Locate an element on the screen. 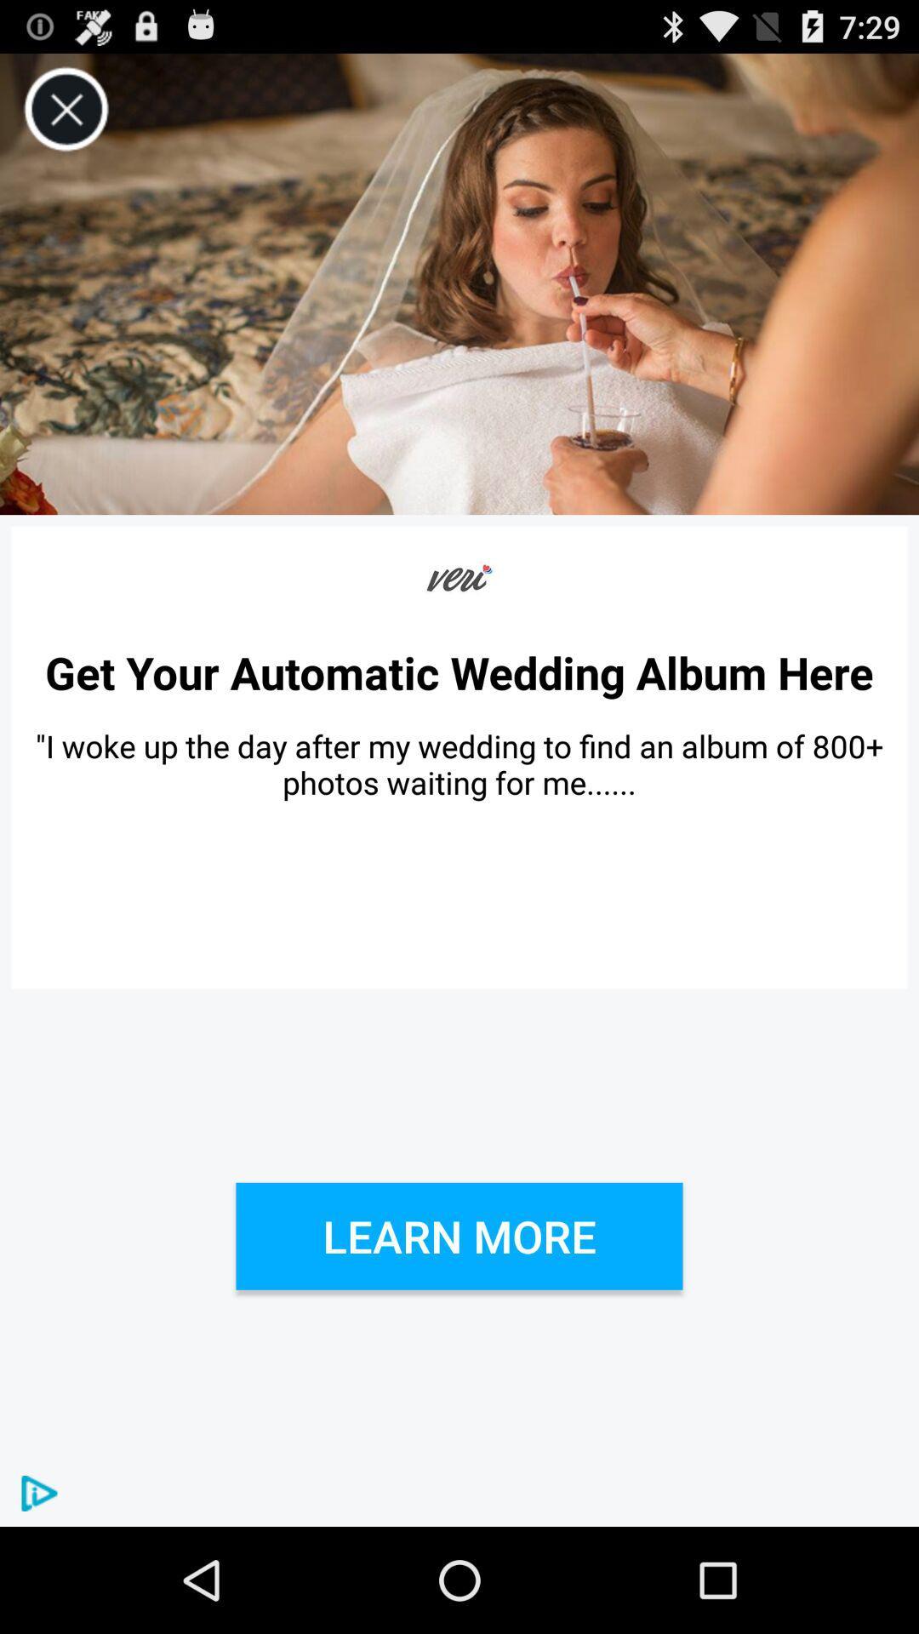 The height and width of the screenshot is (1634, 919). item above get your automatic item is located at coordinates (66, 109).